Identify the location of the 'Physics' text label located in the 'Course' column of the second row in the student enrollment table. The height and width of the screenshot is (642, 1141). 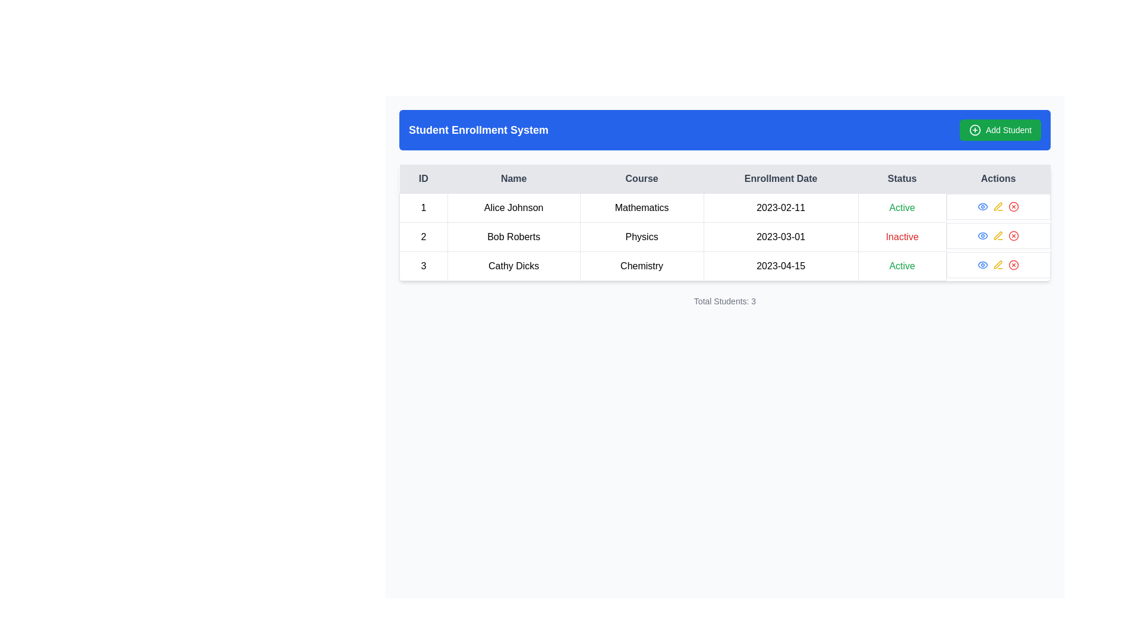
(641, 237).